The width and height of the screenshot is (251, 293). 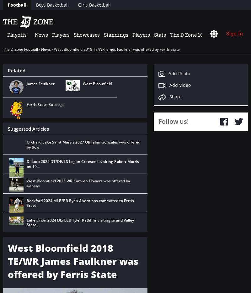 What do you see at coordinates (97, 83) in the screenshot?
I see `'West Bloomfield'` at bounding box center [97, 83].